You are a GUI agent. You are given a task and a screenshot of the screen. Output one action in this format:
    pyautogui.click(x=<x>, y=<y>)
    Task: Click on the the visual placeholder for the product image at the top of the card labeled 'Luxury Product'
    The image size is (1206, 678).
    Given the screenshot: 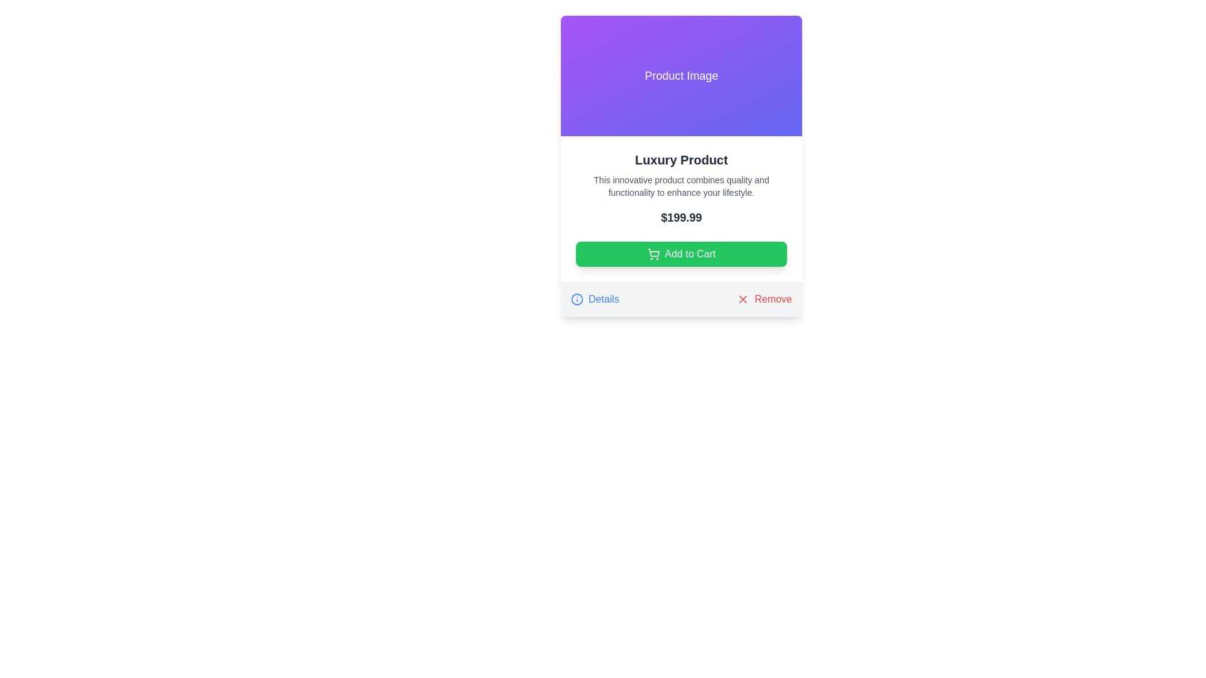 What is the action you would take?
    pyautogui.click(x=680, y=75)
    